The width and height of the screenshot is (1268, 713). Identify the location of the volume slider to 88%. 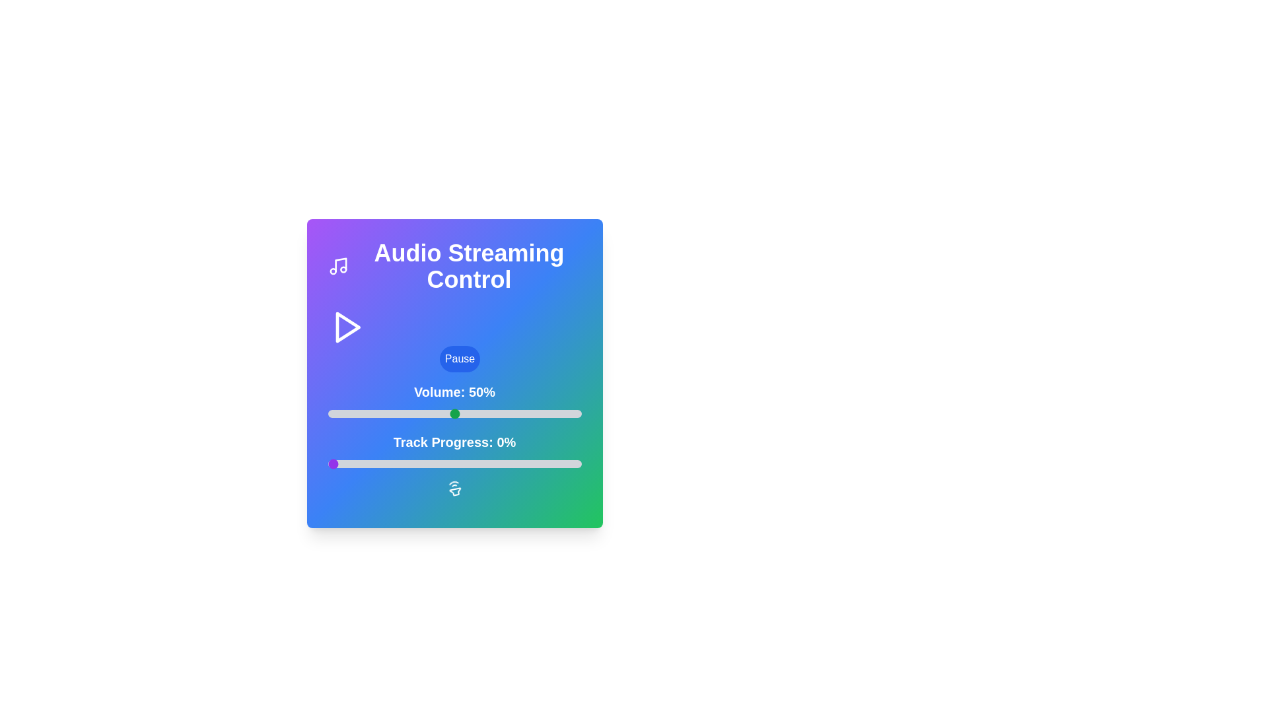
(551, 413).